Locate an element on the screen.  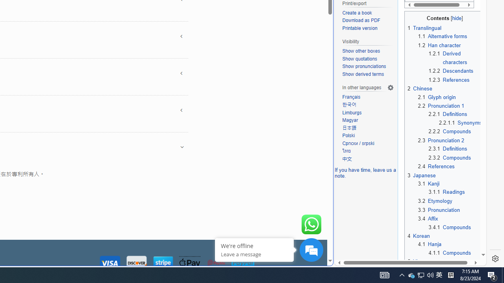
'1.2.1Derived characters' is located at coordinates (455, 57).